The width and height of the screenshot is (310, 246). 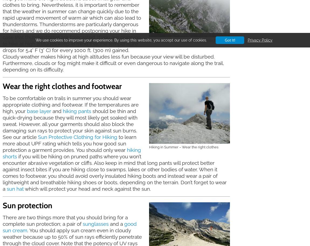 What do you see at coordinates (71, 153) in the screenshot?
I see `'hiking shorts'` at bounding box center [71, 153].